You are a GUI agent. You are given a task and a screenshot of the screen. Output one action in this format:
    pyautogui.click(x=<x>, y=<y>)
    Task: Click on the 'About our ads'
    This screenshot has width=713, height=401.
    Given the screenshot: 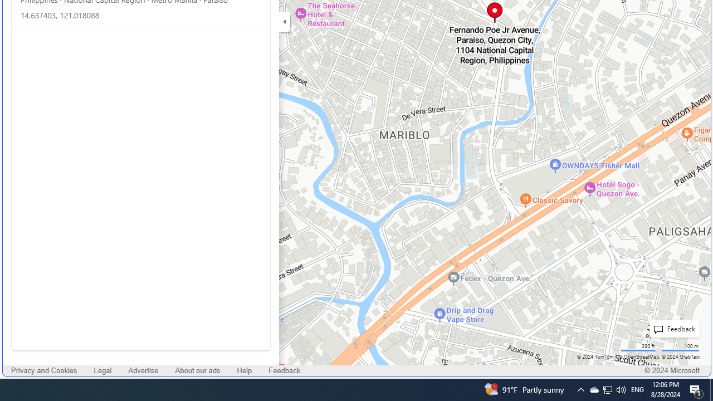 What is the action you would take?
    pyautogui.click(x=198, y=371)
    